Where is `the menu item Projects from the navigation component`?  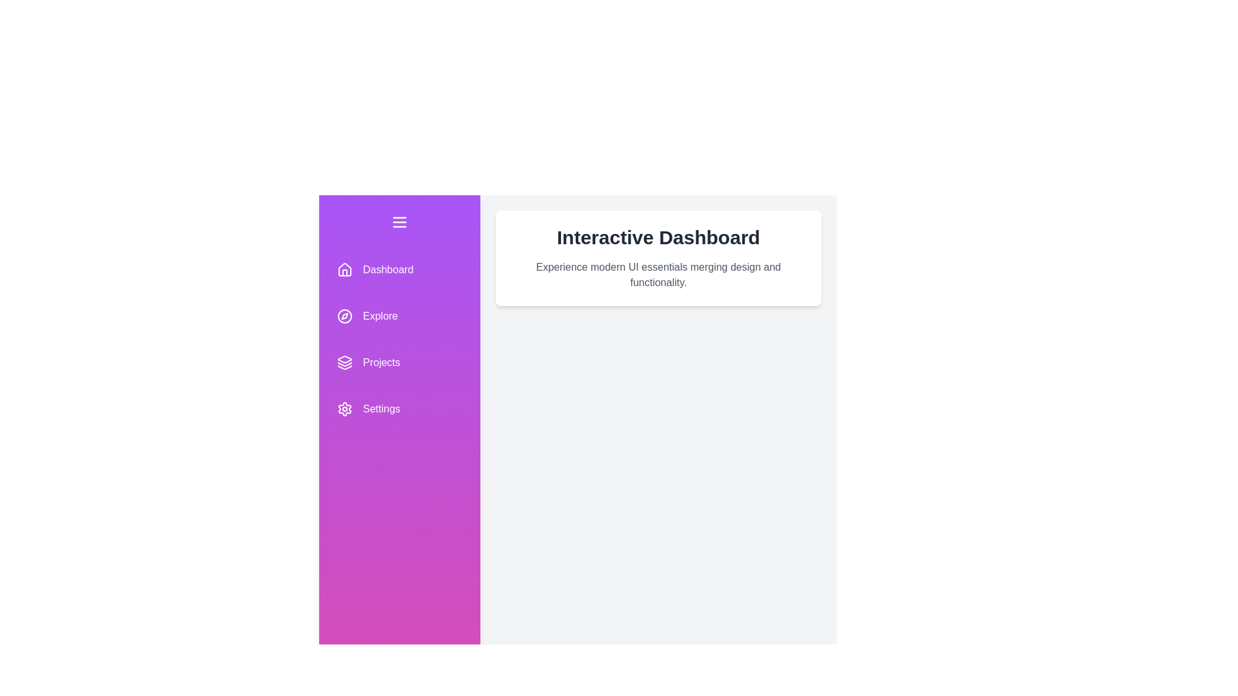
the menu item Projects from the navigation component is located at coordinates (398, 363).